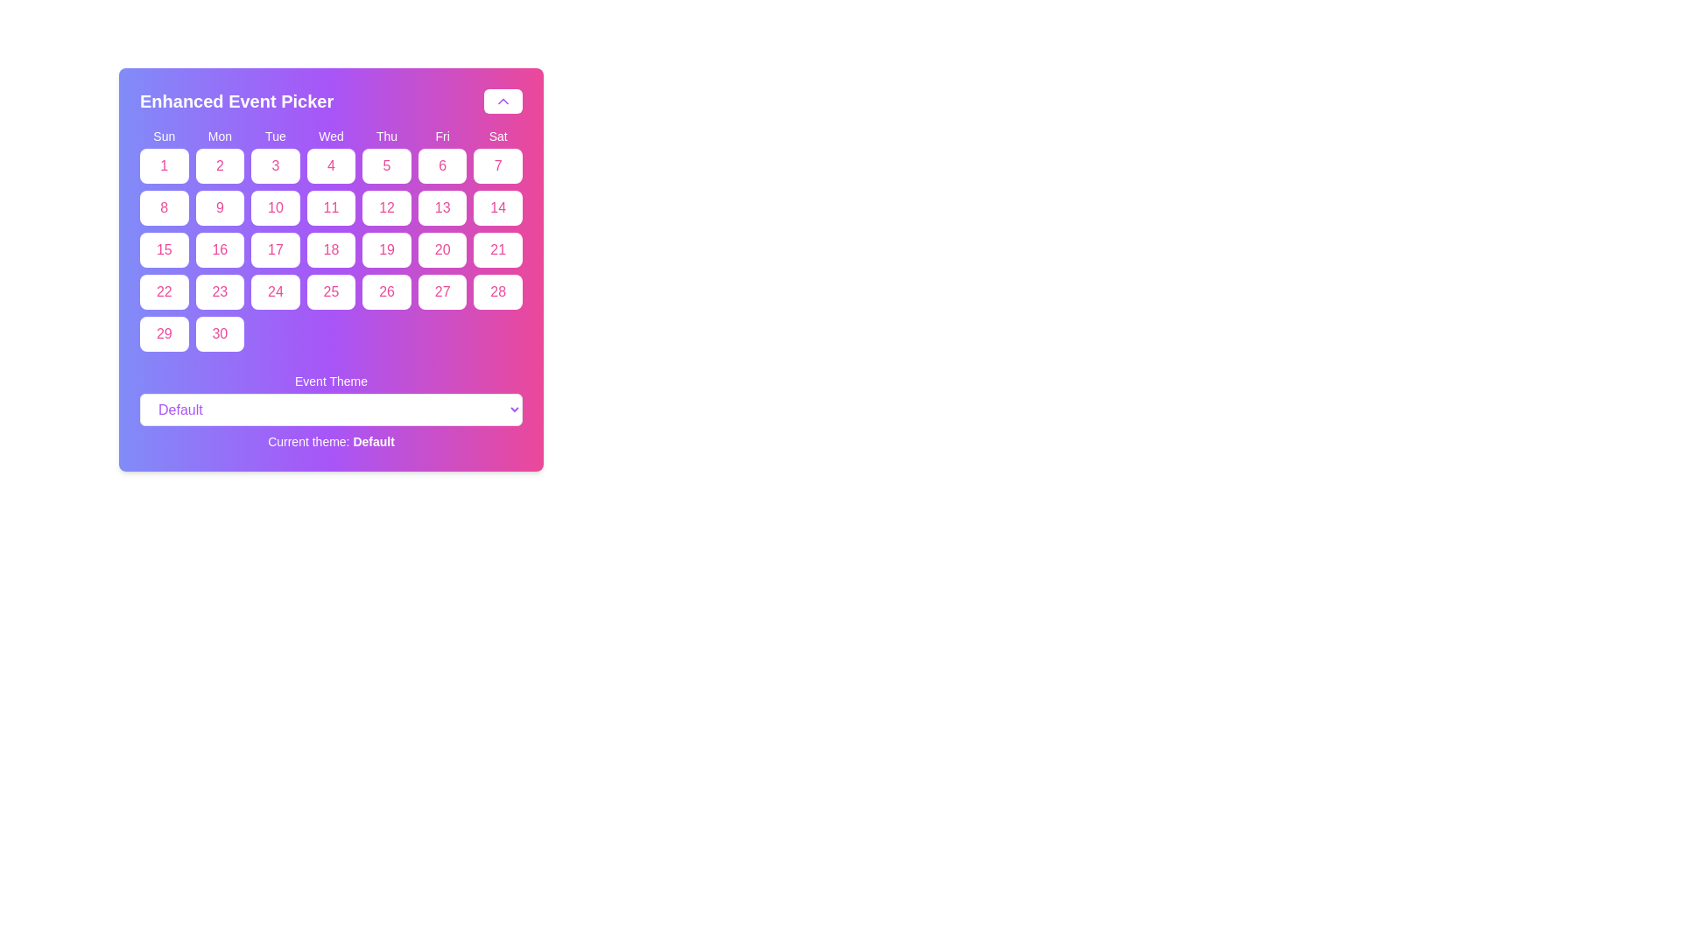  What do you see at coordinates (331, 380) in the screenshot?
I see `the label that provides context for the dropdown menu to select an event theme, which is positioned above the descriptive text 'Current theme: Default'` at bounding box center [331, 380].